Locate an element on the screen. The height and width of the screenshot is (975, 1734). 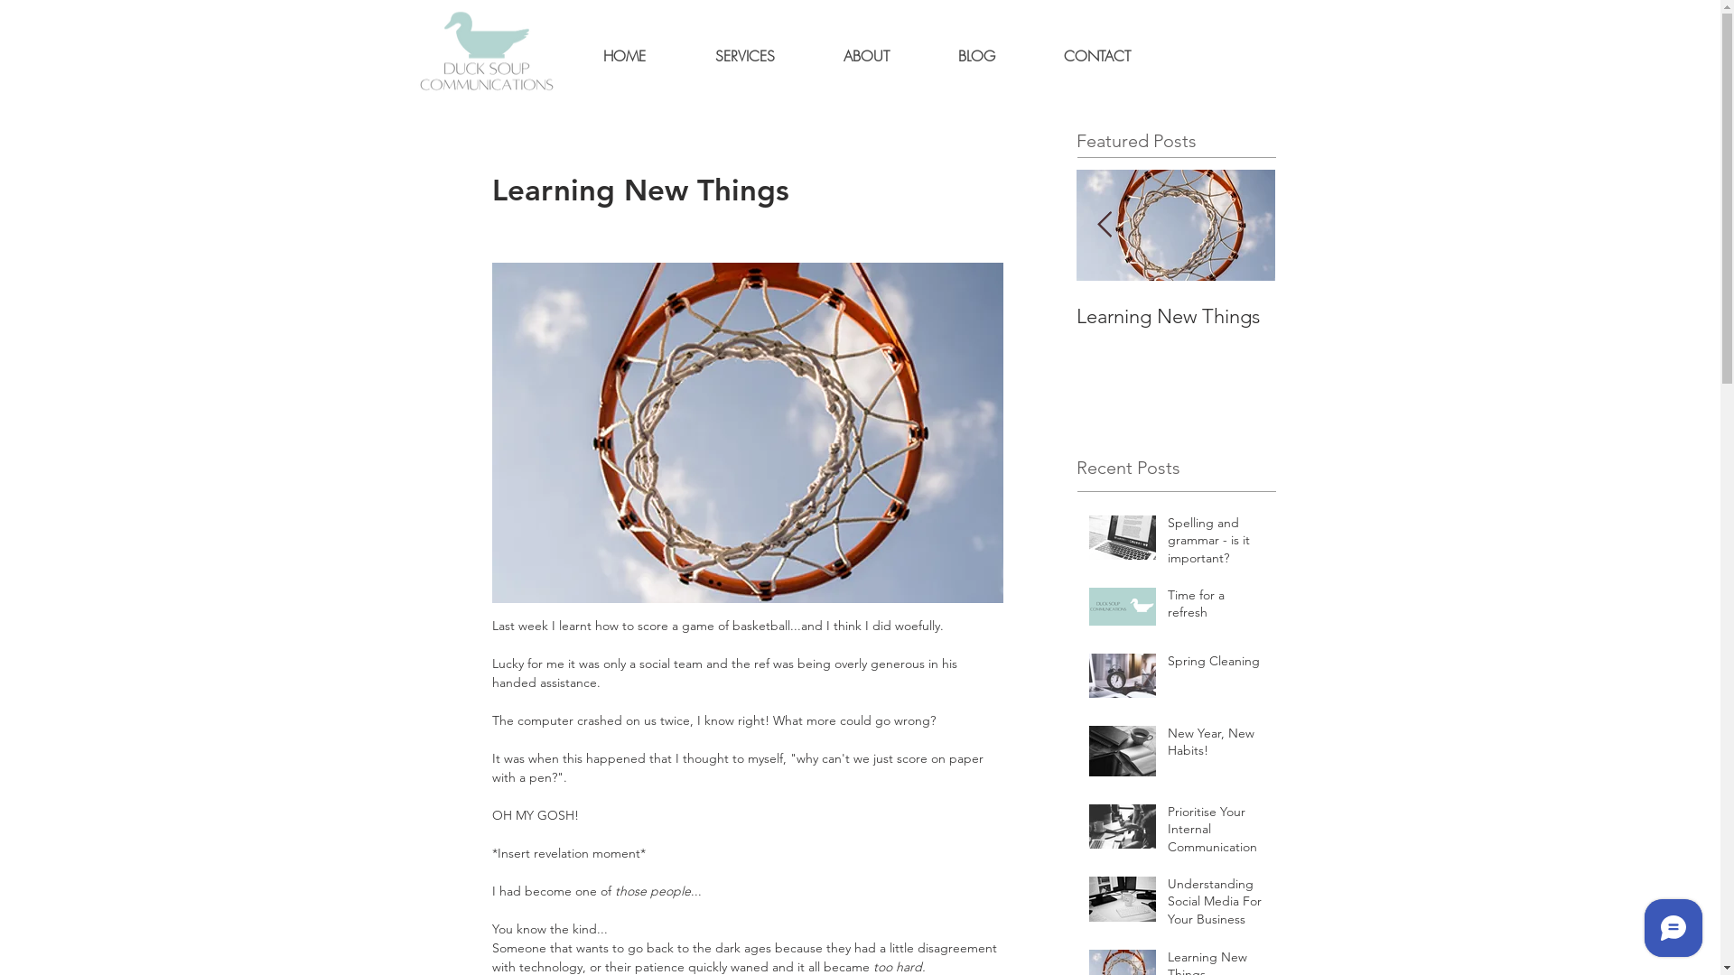
'BLOG' is located at coordinates (923, 55).